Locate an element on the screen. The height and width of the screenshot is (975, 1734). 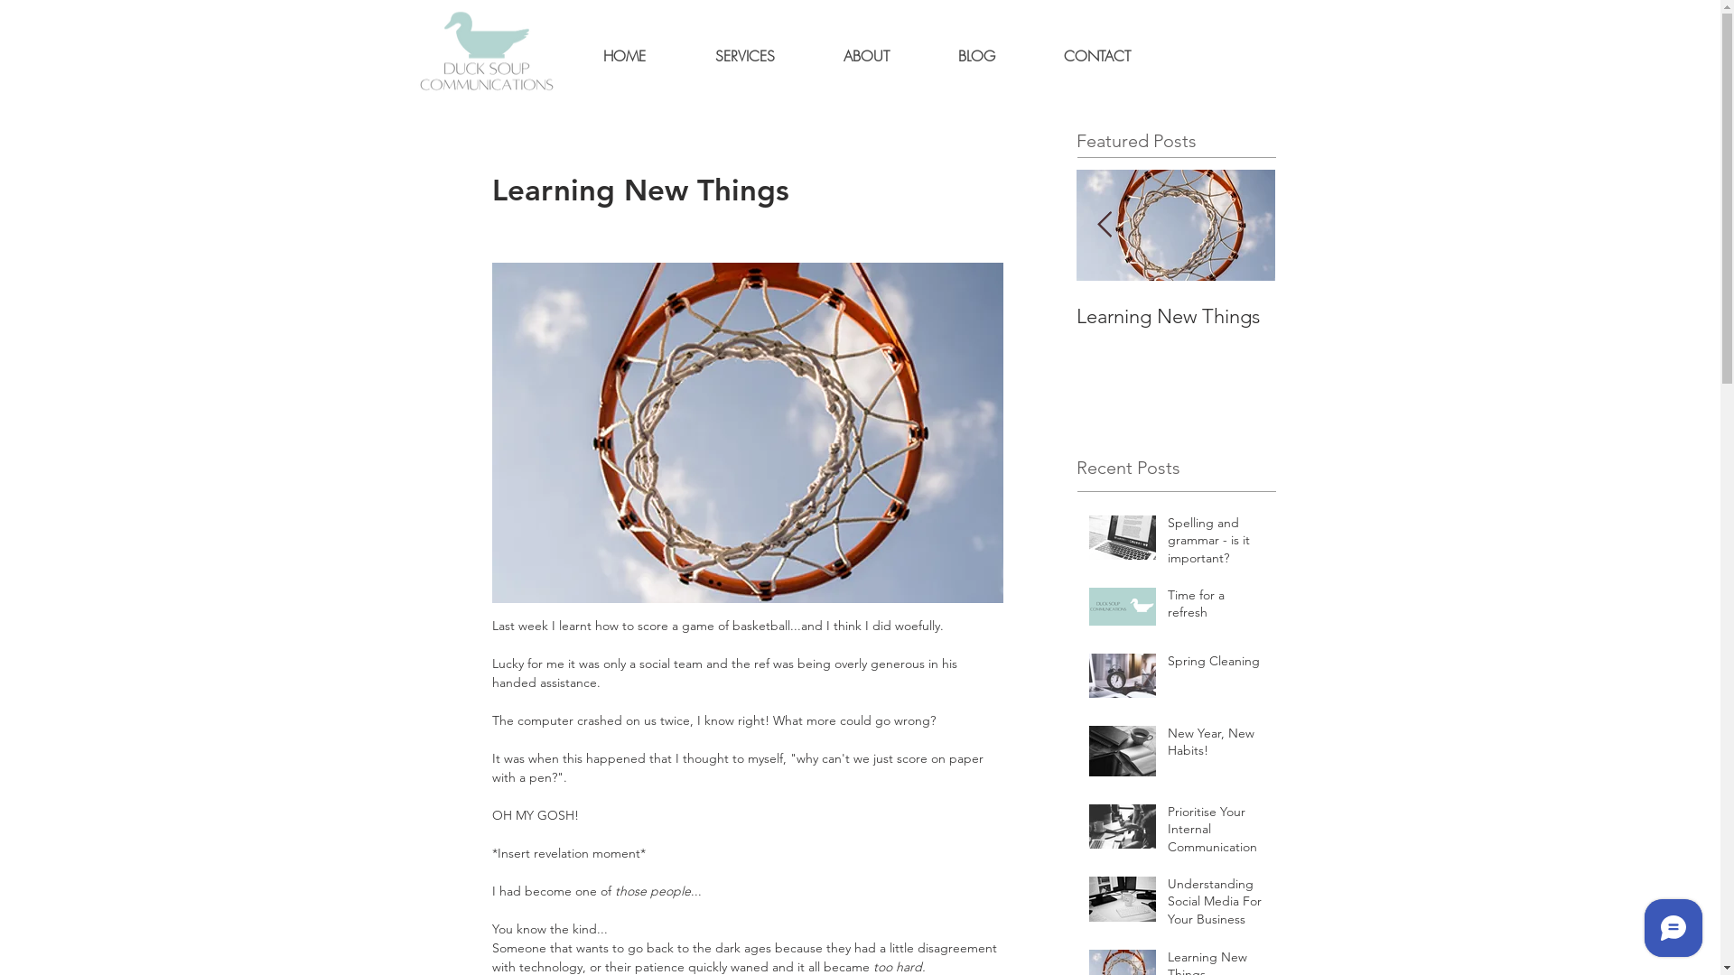
'BLOG' is located at coordinates (923, 55).